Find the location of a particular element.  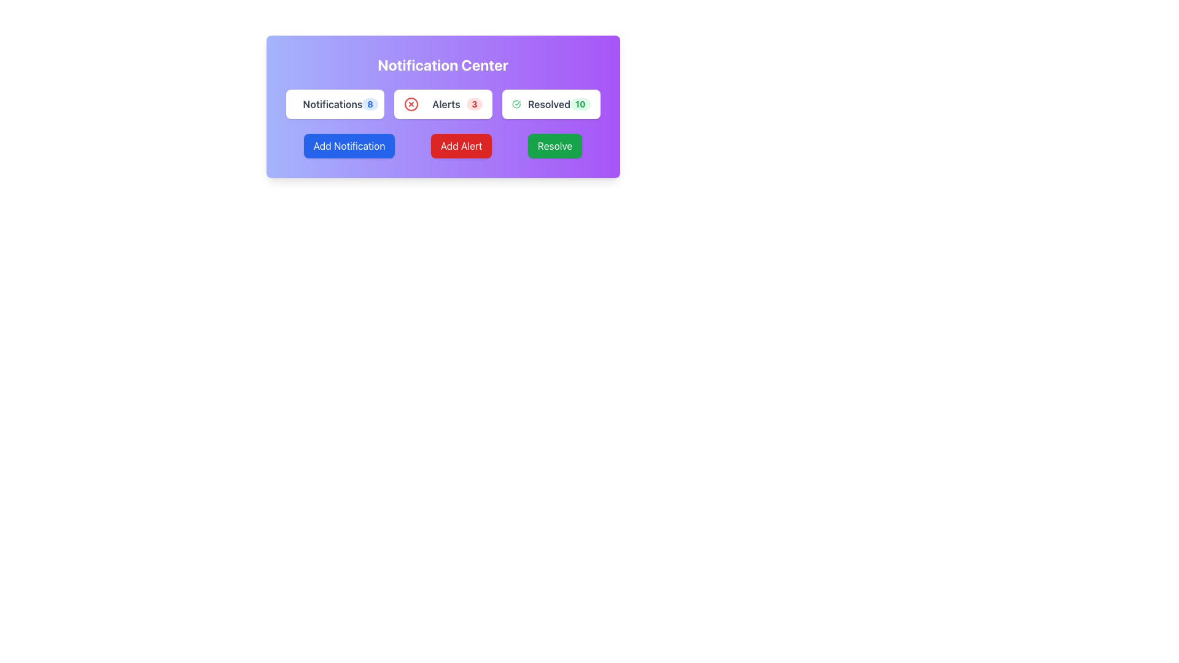

the SVG circle that signifies the alert cross icon in the 'Alerts' box is located at coordinates (411, 103).